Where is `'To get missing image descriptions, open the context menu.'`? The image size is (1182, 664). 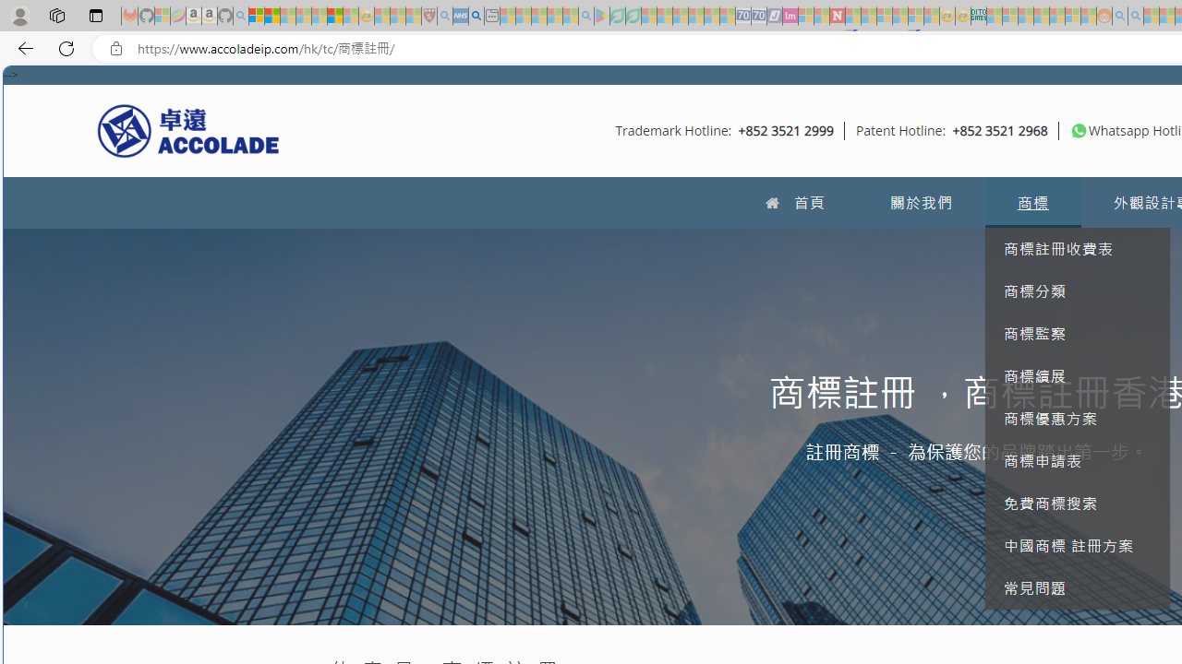
'To get missing image descriptions, open the context menu.' is located at coordinates (1079, 129).